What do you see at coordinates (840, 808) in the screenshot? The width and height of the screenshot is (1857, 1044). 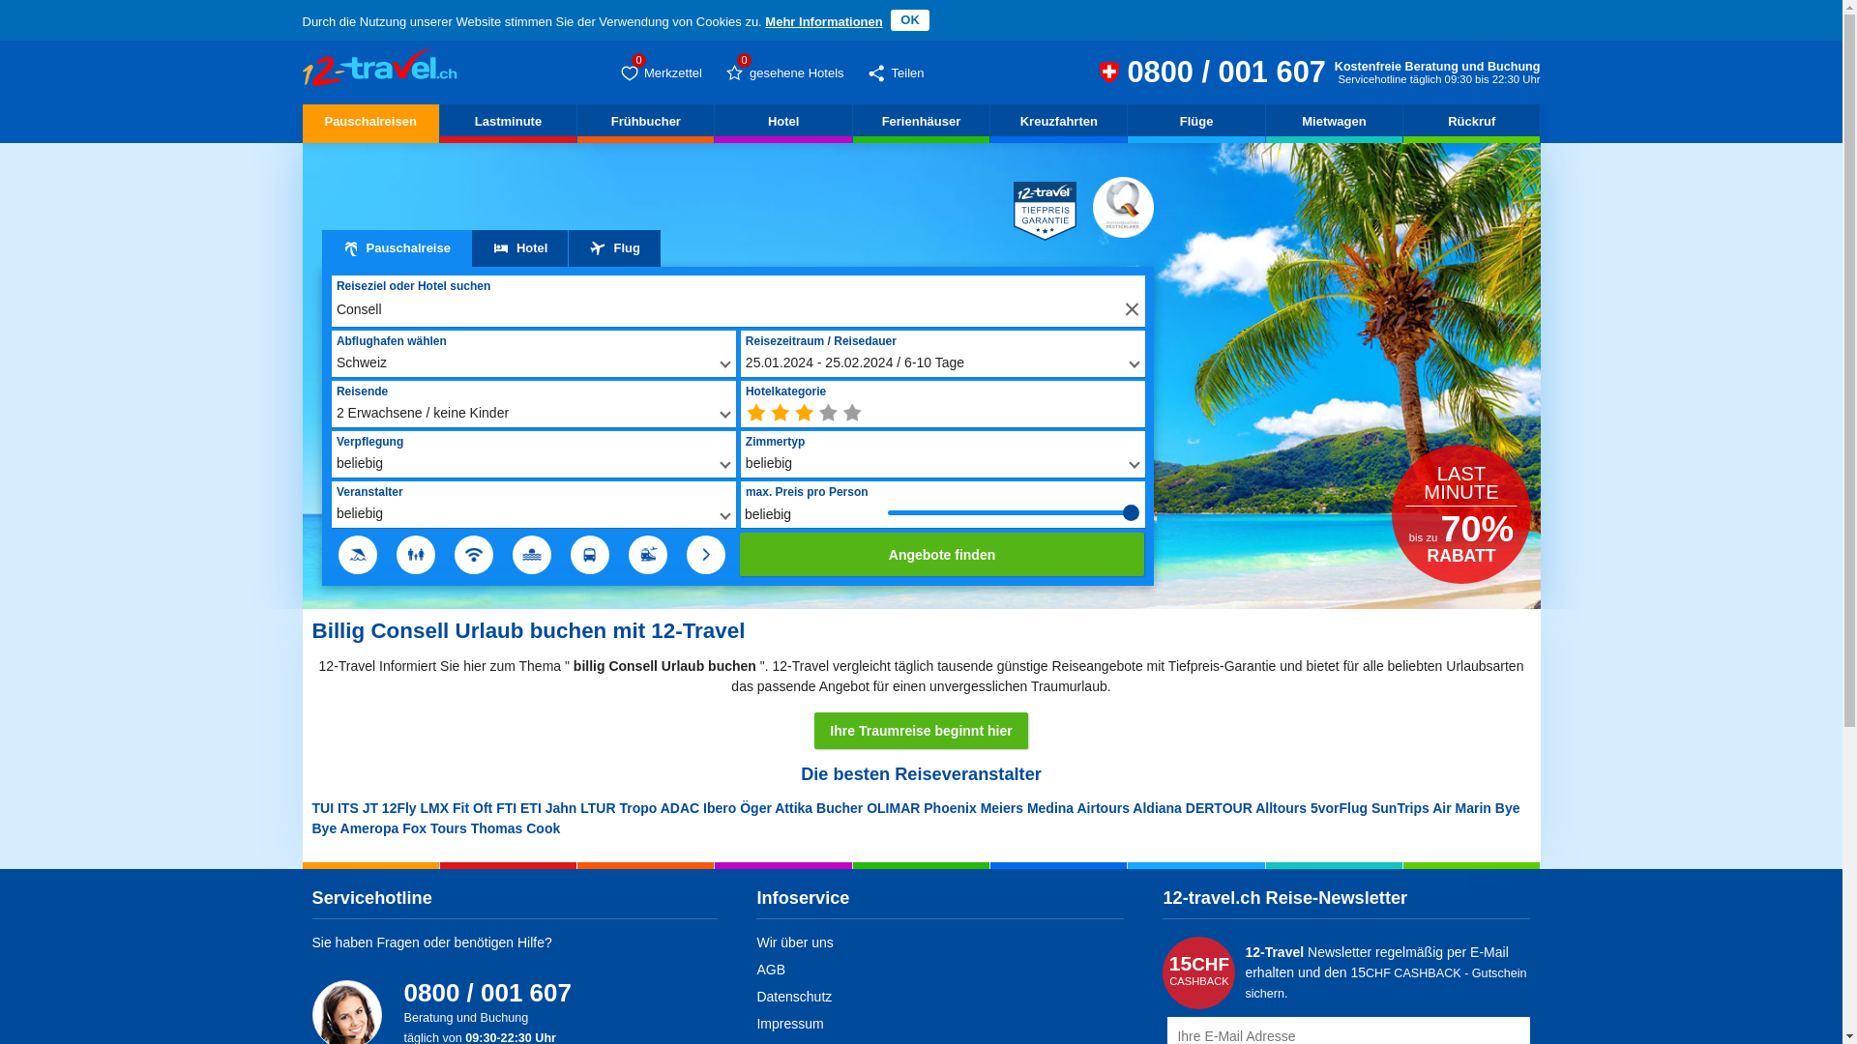 I see `'Bucher'` at bounding box center [840, 808].